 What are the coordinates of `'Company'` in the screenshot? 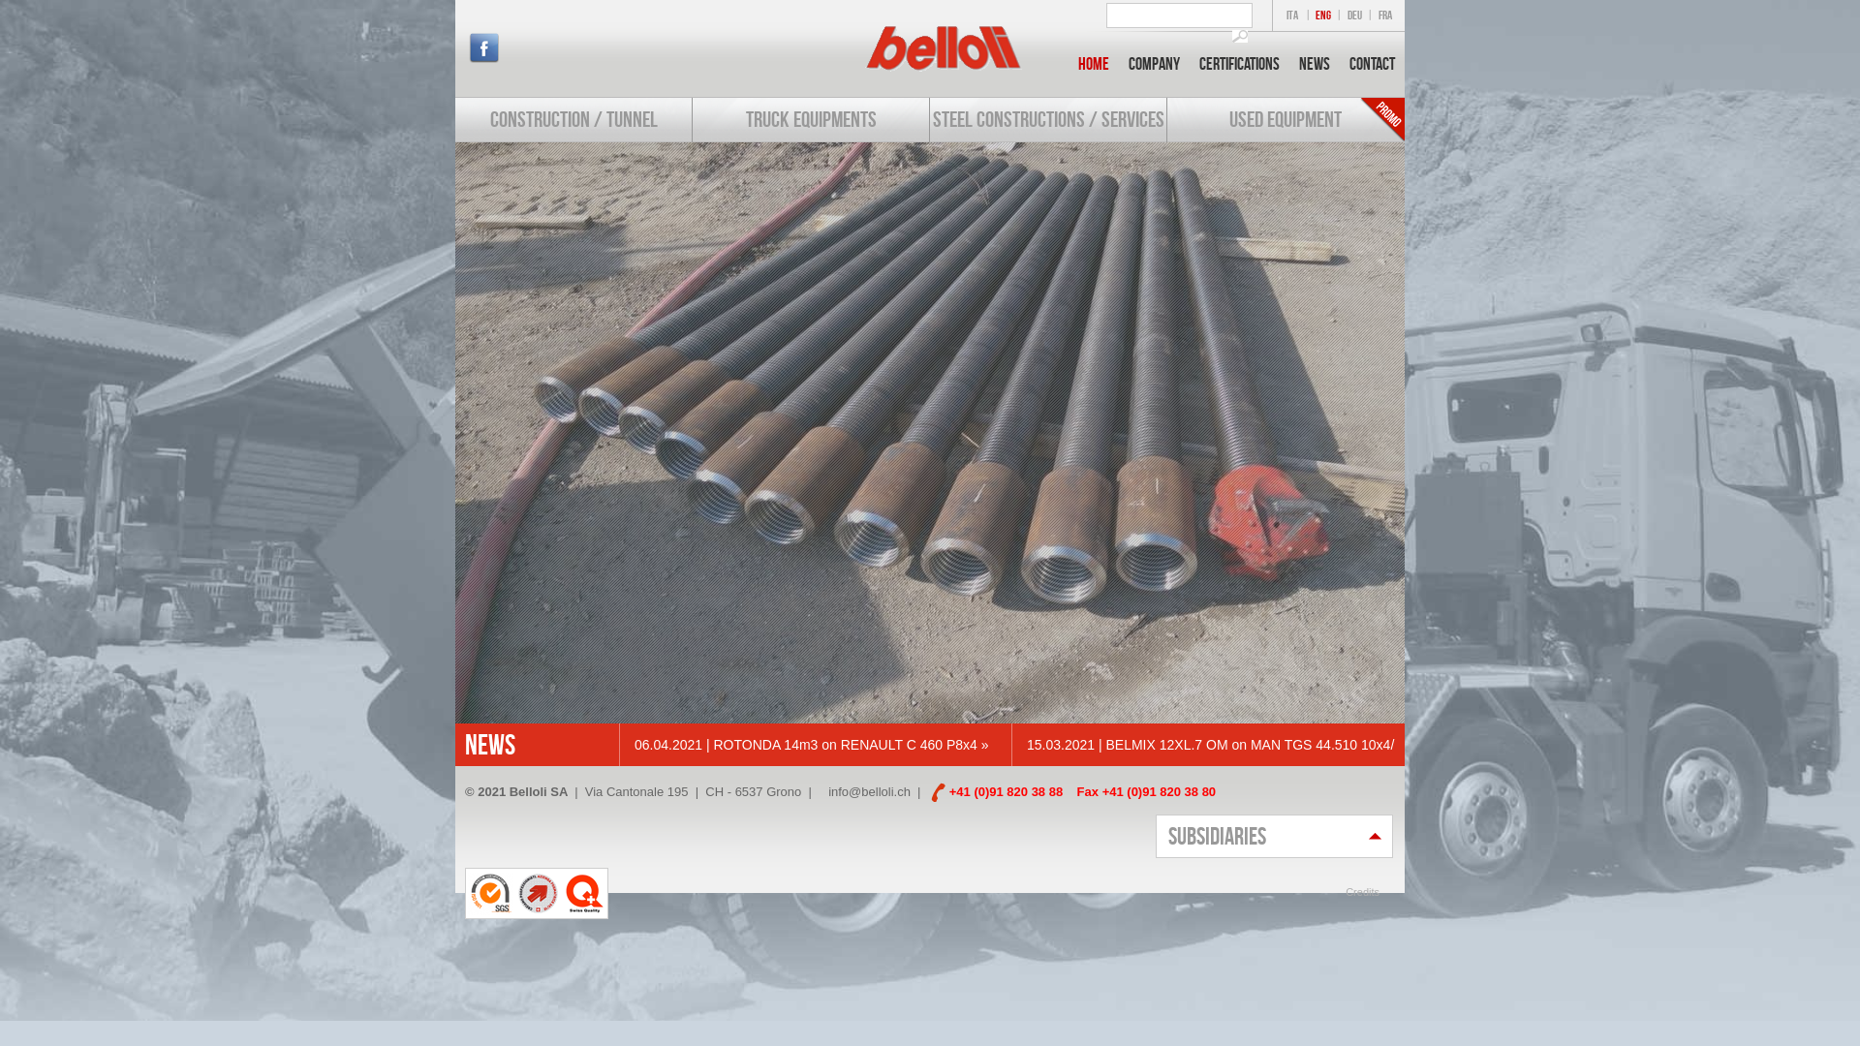 It's located at (1154, 62).